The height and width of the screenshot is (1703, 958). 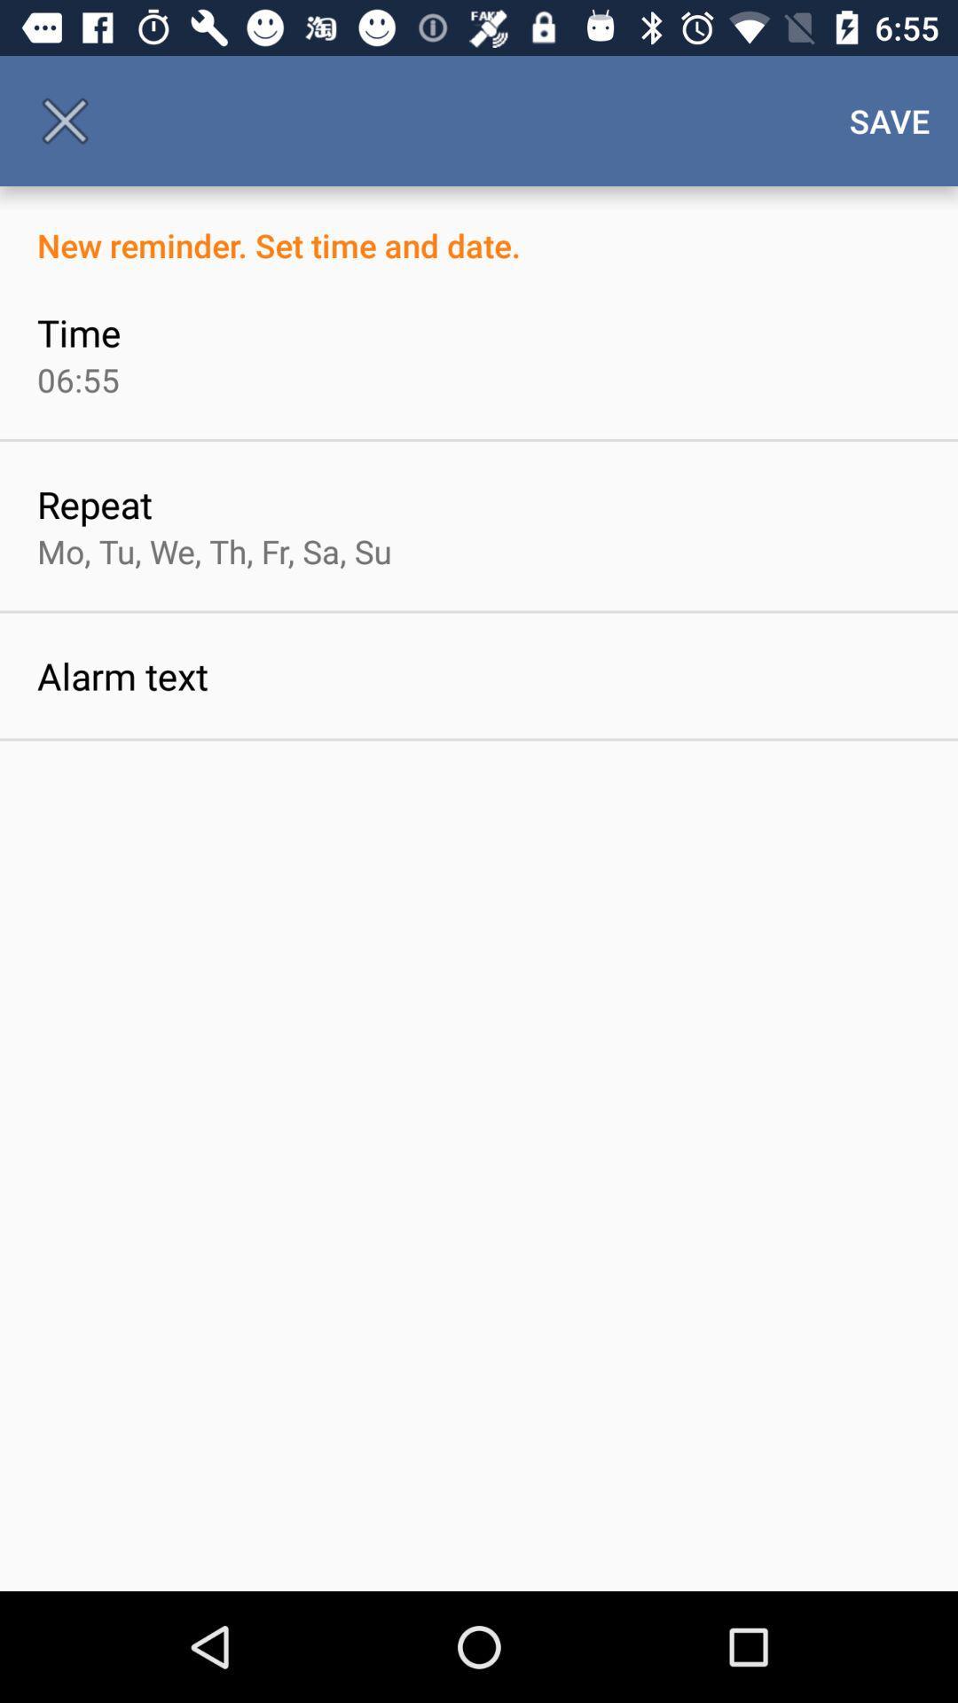 I want to click on icon below time item, so click(x=77, y=379).